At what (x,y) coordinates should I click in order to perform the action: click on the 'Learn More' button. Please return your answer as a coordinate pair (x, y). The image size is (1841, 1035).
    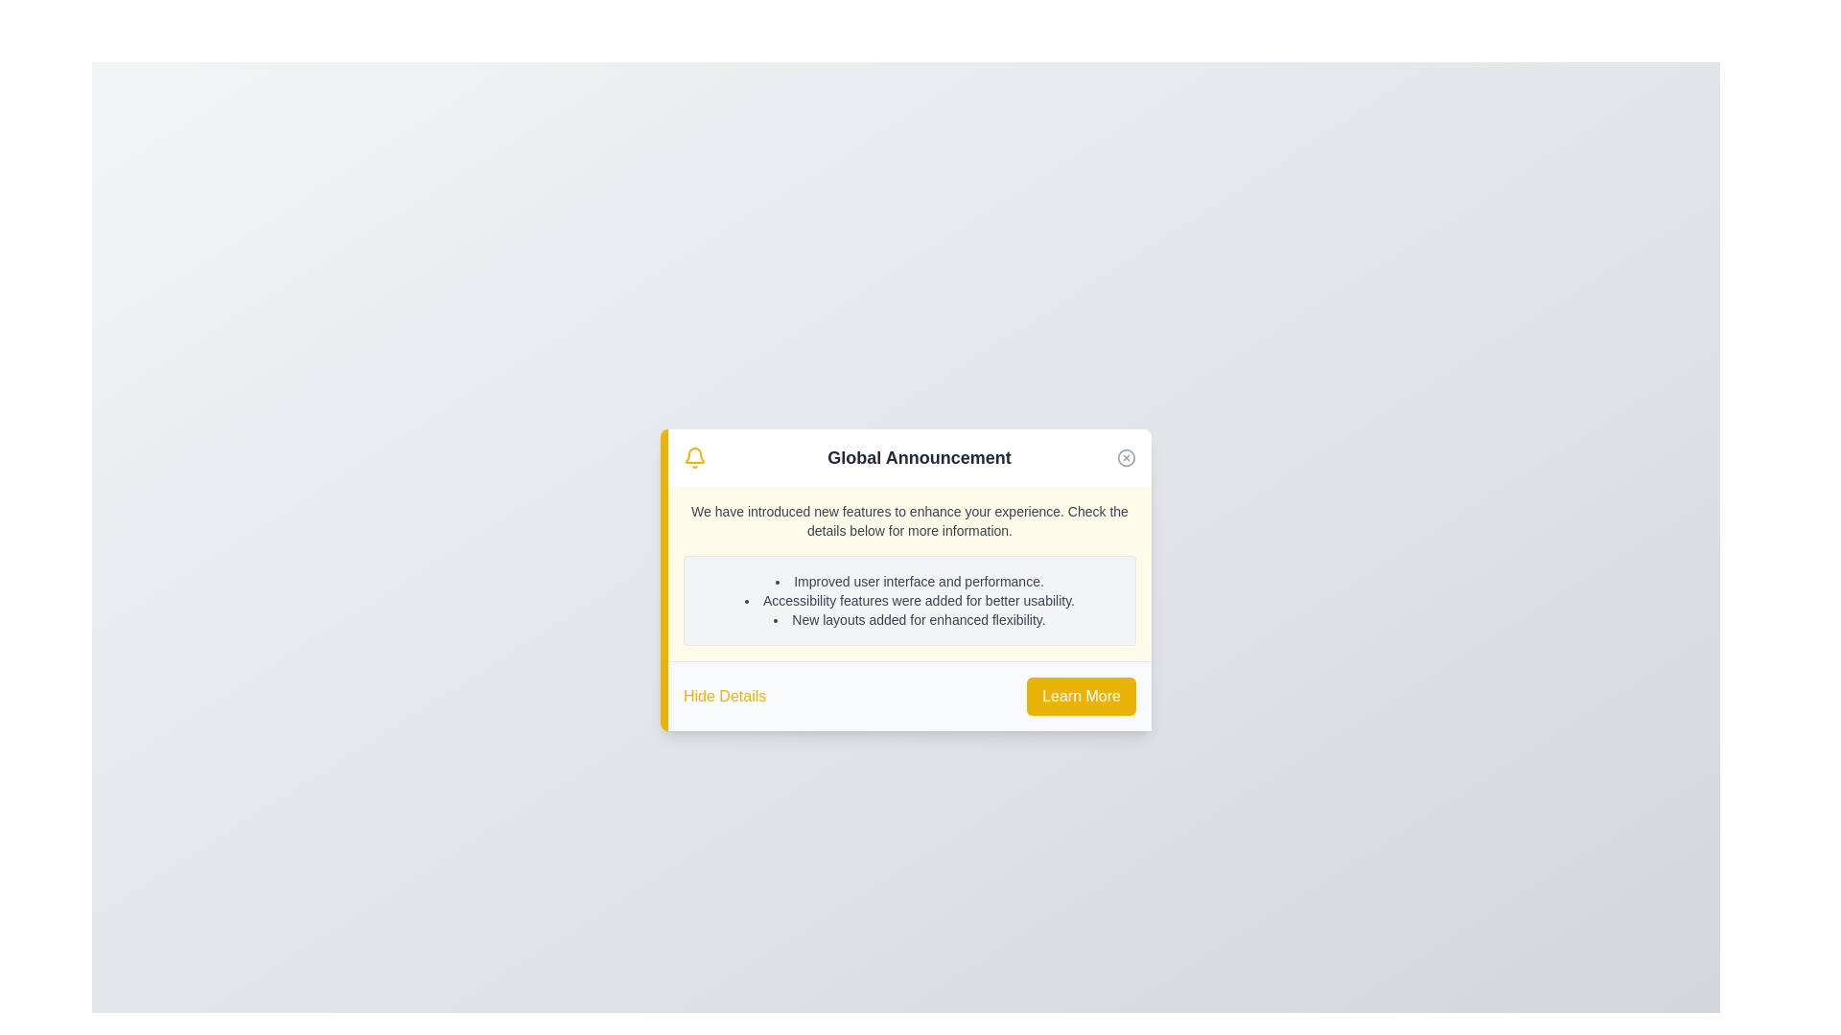
    Looking at the image, I should click on (1082, 695).